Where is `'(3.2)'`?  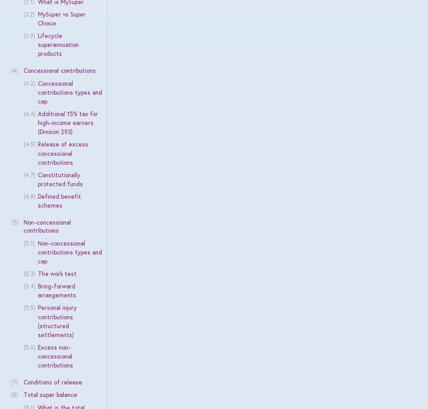 '(3.2)' is located at coordinates (29, 13).